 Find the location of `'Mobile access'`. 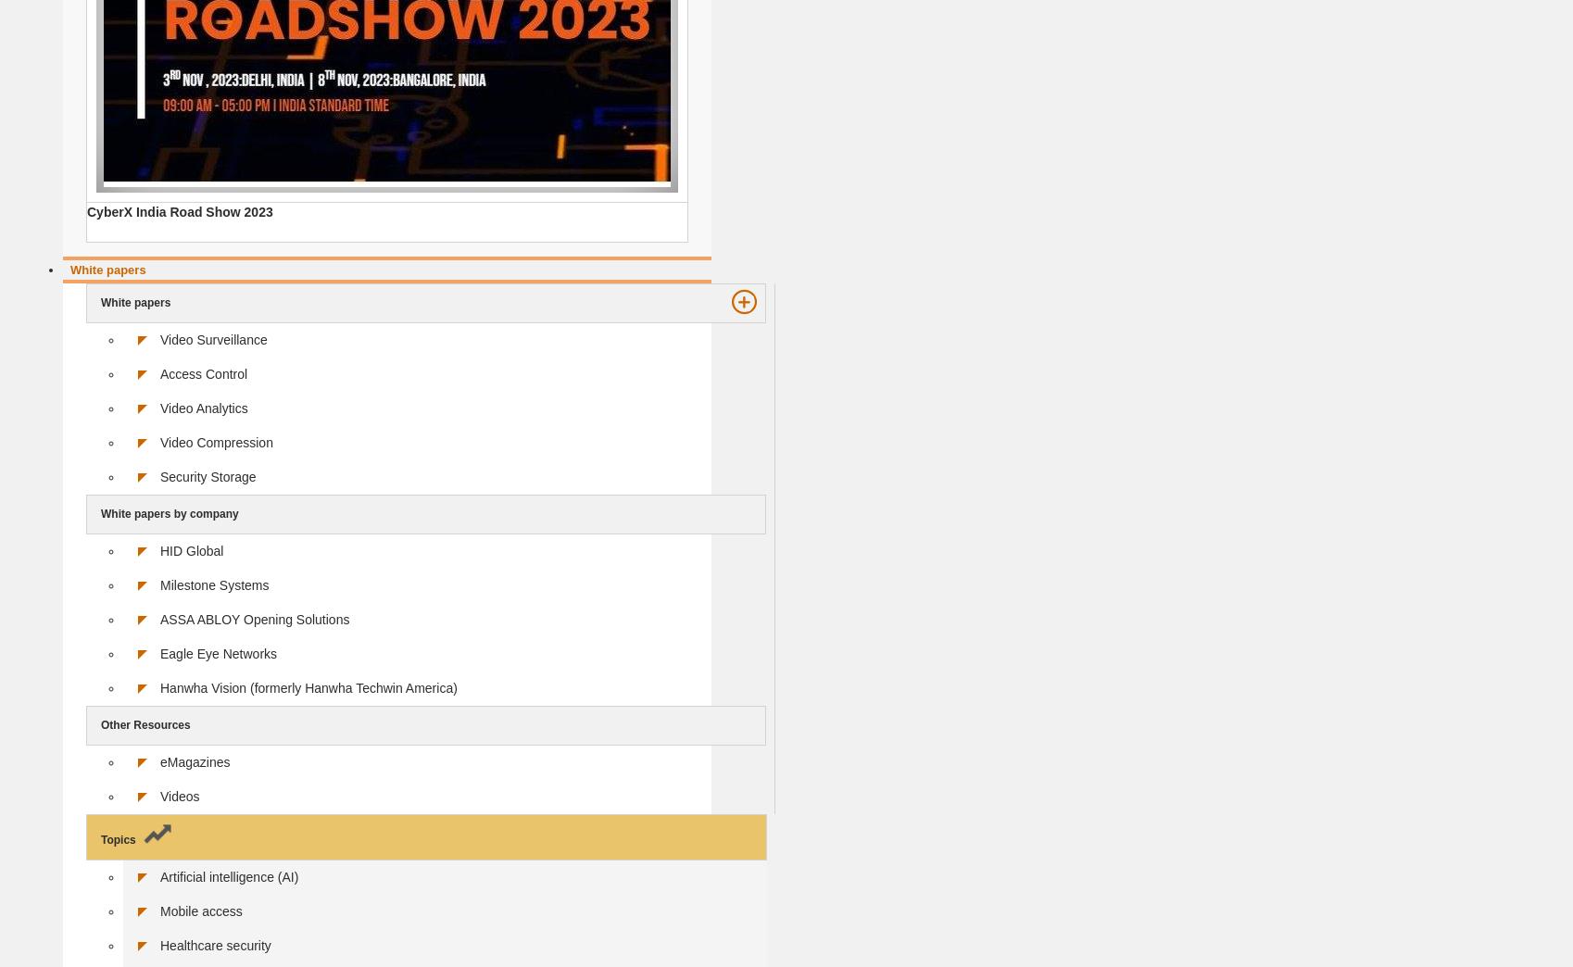

'Mobile access' is located at coordinates (160, 910).